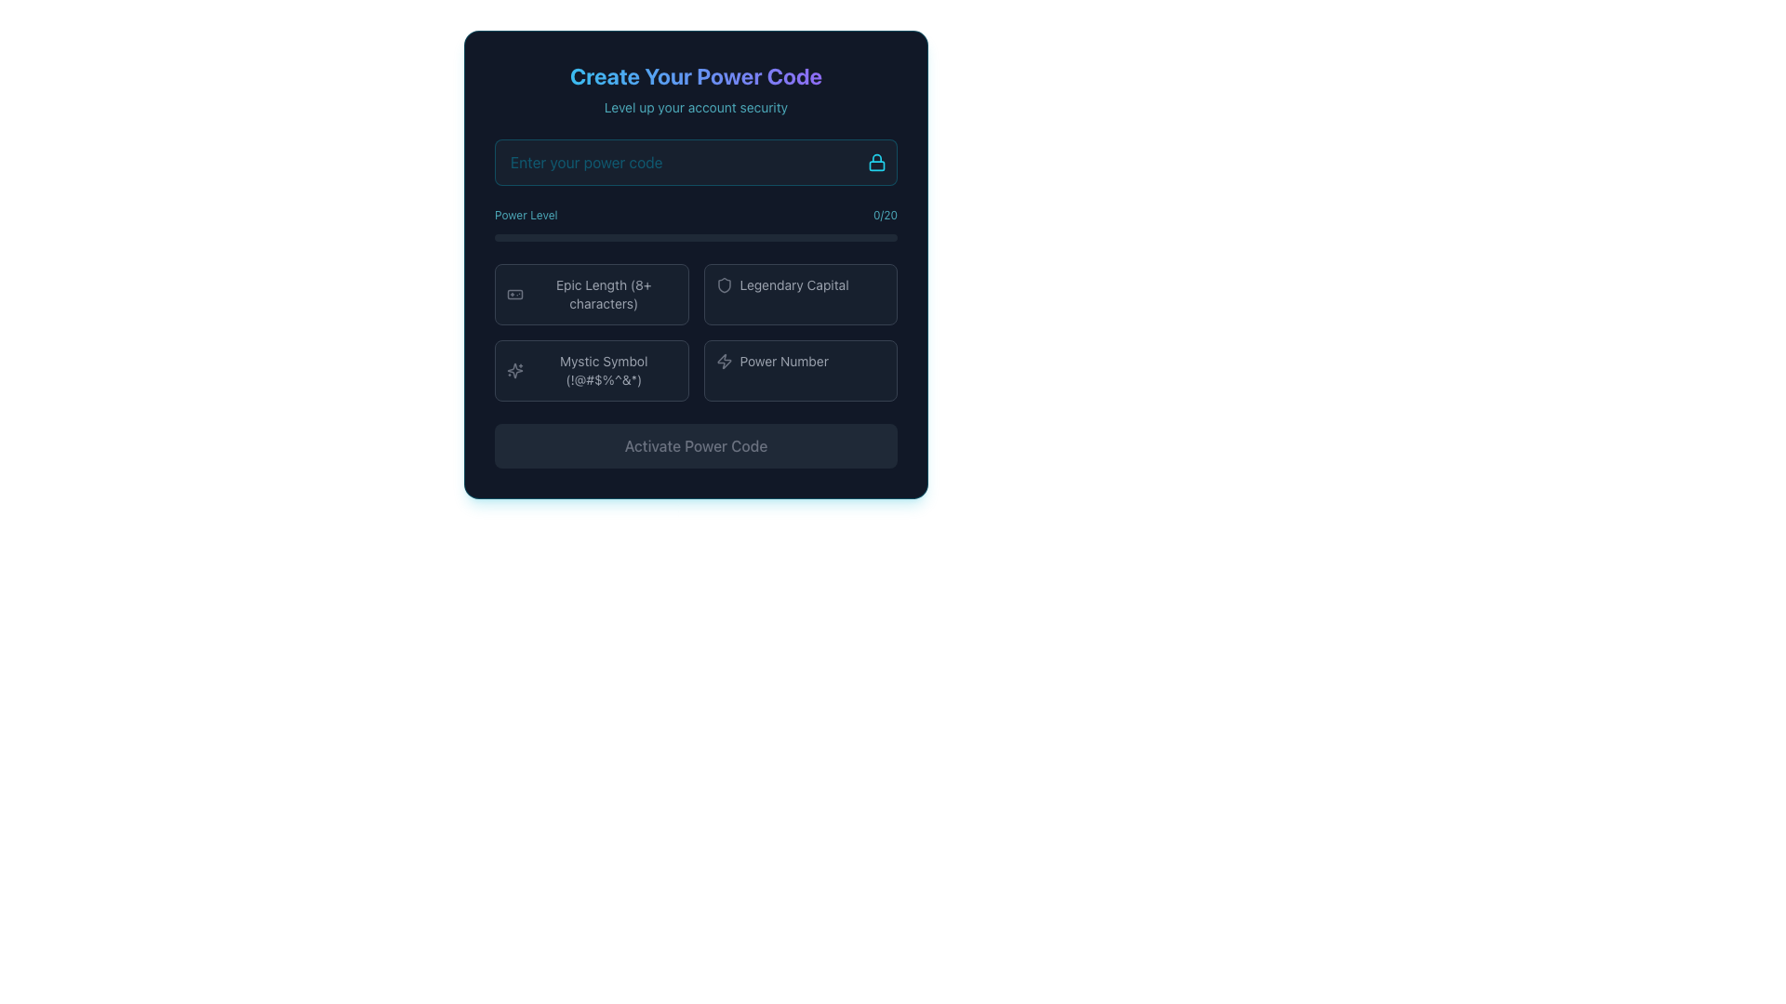  Describe the element at coordinates (514, 370) in the screenshot. I see `the sparkles icon in the Mystic Symbol section of the power code creation form, which resembles a cross with circular edges and smaller sparks` at that location.